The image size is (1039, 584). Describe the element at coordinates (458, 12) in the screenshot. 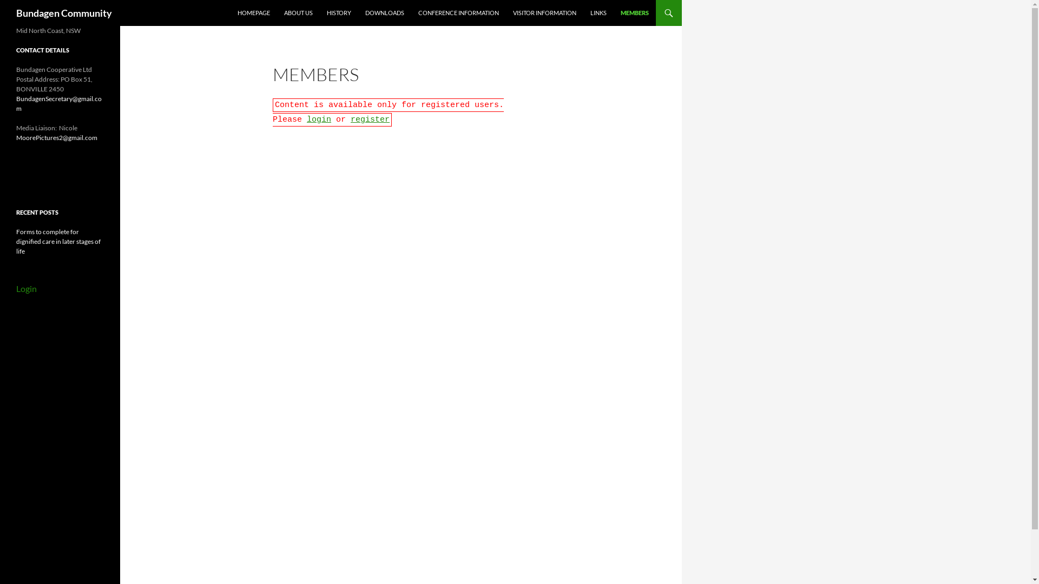

I see `'CONFERENCE INFORMATION'` at that location.